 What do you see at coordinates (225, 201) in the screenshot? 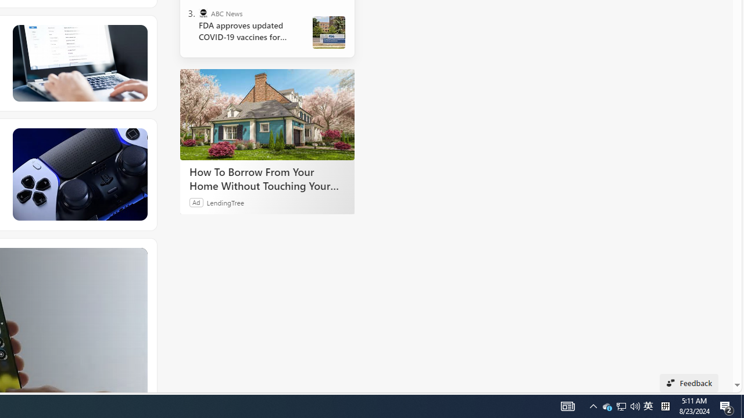
I see `'LendingTree'` at bounding box center [225, 201].